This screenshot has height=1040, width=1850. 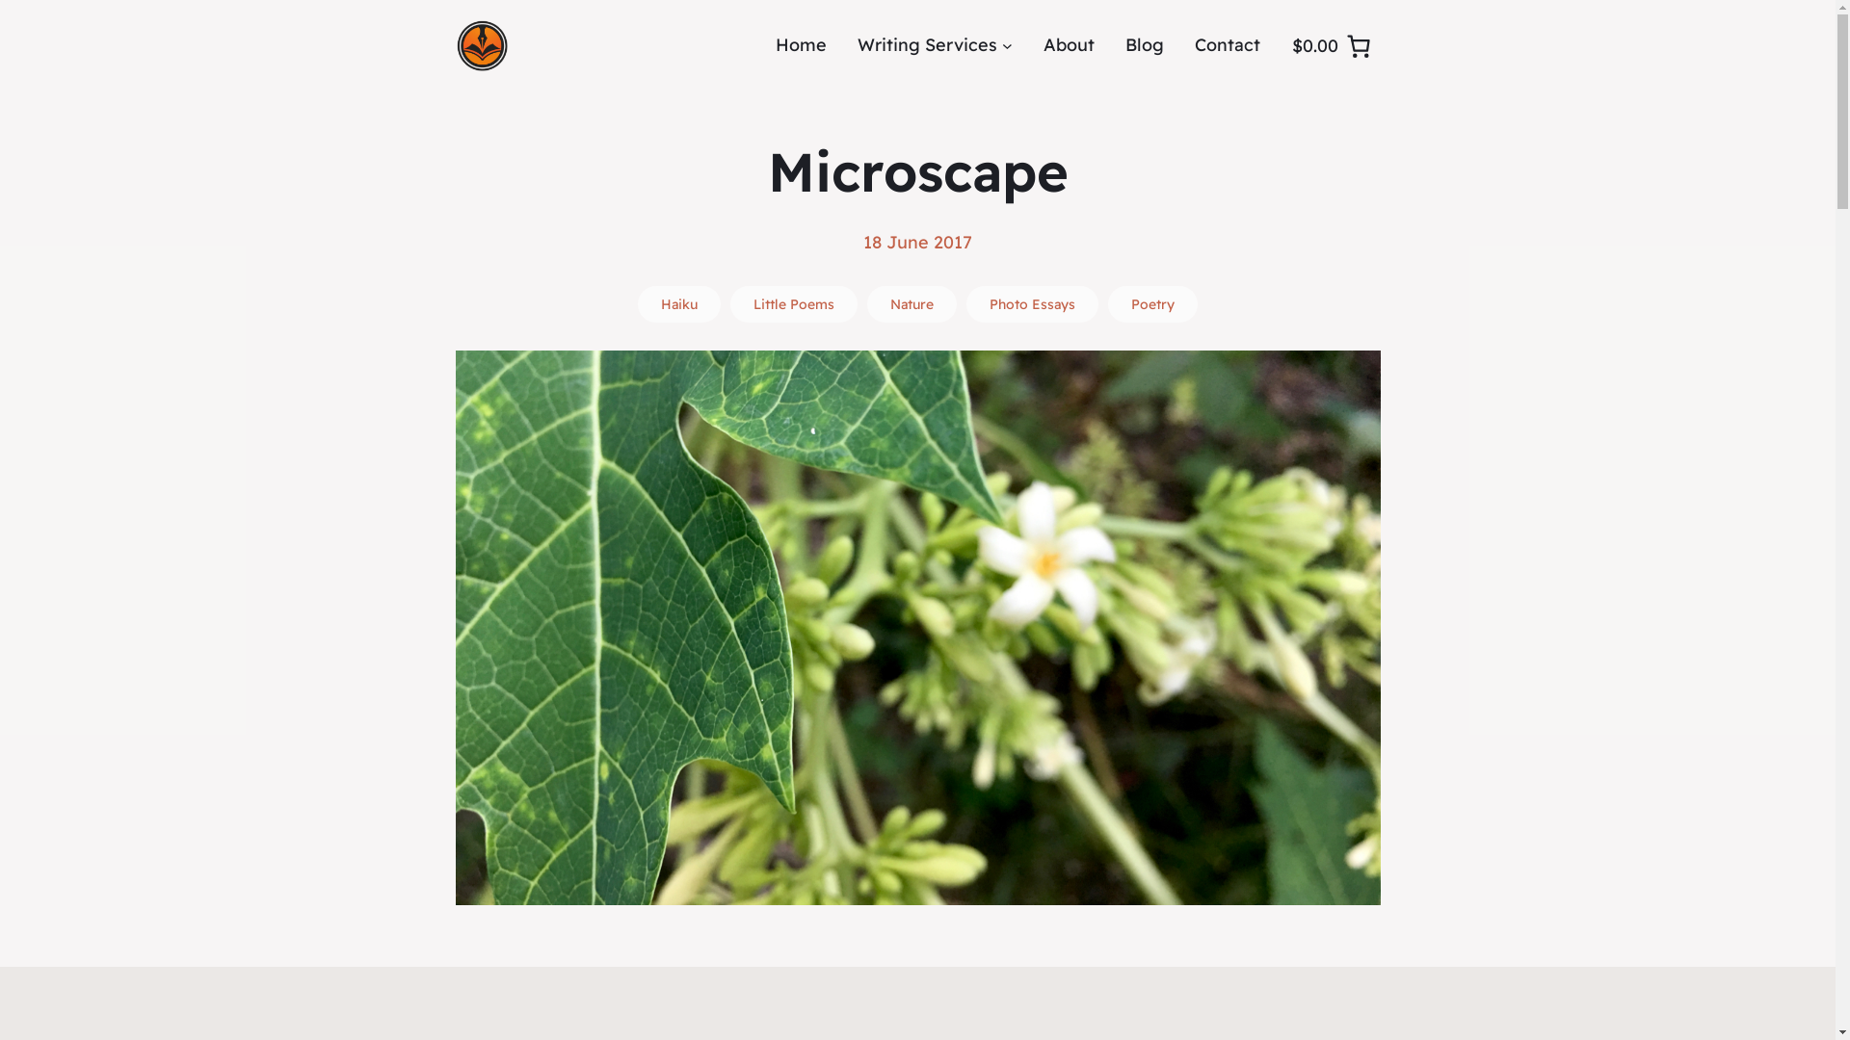 What do you see at coordinates (966, 303) in the screenshot?
I see `'Photo Essays'` at bounding box center [966, 303].